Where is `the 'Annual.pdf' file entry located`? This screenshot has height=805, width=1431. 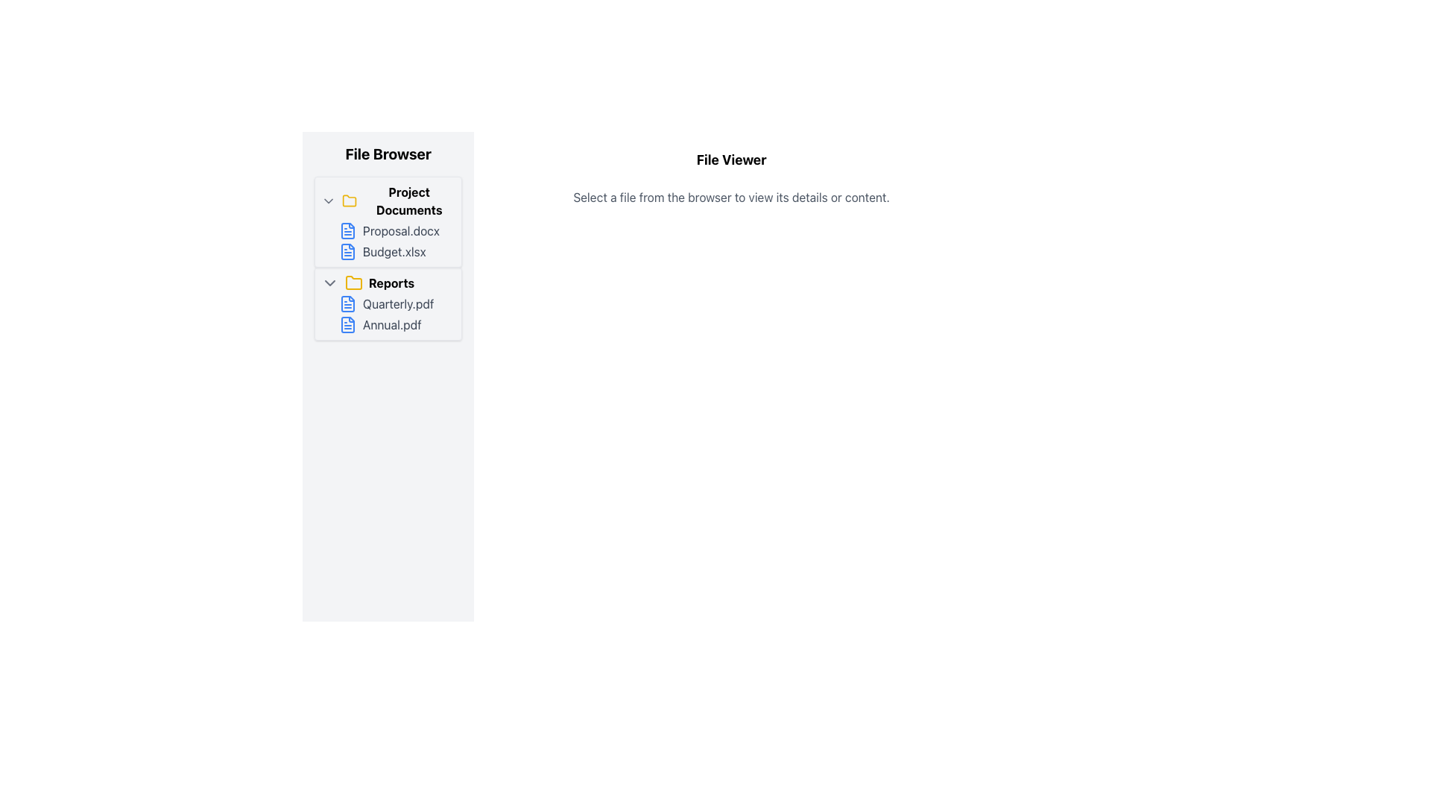 the 'Annual.pdf' file entry located is located at coordinates (397, 323).